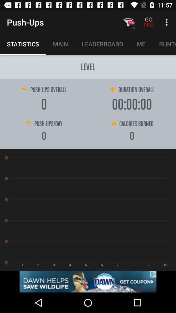  I want to click on follow the banner, so click(88, 281).